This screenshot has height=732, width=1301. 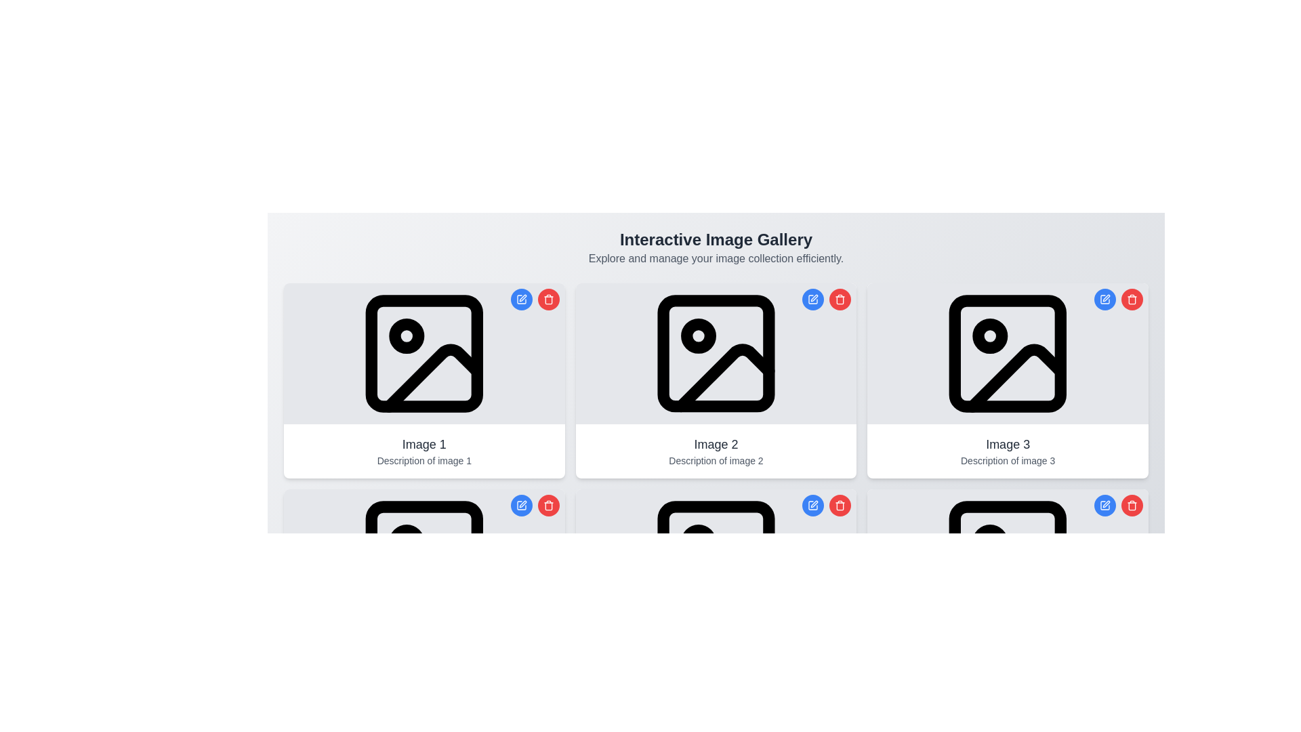 I want to click on the Text Label that displays the title or identifier of the associated image, located within a card layout under the image and above descriptive text, so click(x=715, y=444).